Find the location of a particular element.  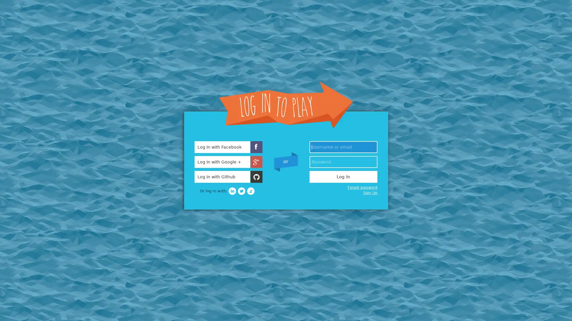

Log In is located at coordinates (343, 176).